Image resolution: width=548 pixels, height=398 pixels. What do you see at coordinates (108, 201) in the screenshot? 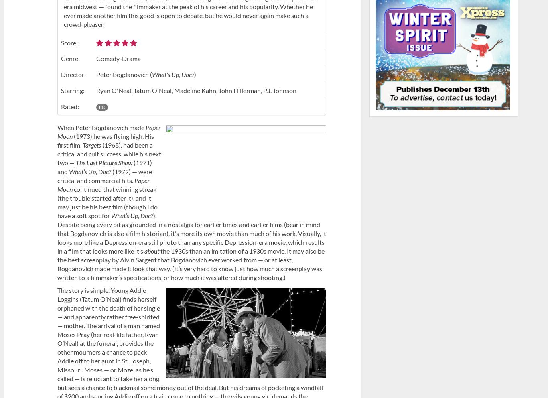
I see `'continued that winning streak (the trouble started after it), and it may just be his best film (though I do have a soft spot for'` at bounding box center [108, 201].